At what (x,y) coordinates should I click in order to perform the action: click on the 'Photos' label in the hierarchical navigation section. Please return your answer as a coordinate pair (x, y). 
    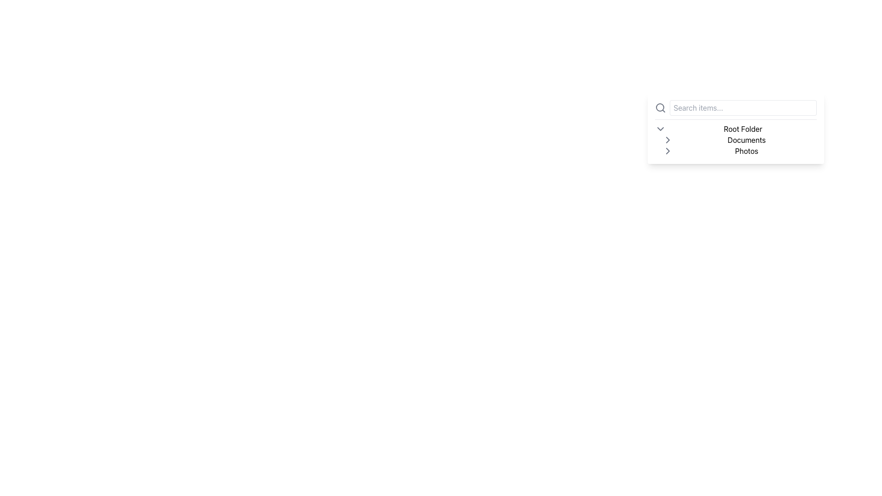
    Looking at the image, I should click on (746, 150).